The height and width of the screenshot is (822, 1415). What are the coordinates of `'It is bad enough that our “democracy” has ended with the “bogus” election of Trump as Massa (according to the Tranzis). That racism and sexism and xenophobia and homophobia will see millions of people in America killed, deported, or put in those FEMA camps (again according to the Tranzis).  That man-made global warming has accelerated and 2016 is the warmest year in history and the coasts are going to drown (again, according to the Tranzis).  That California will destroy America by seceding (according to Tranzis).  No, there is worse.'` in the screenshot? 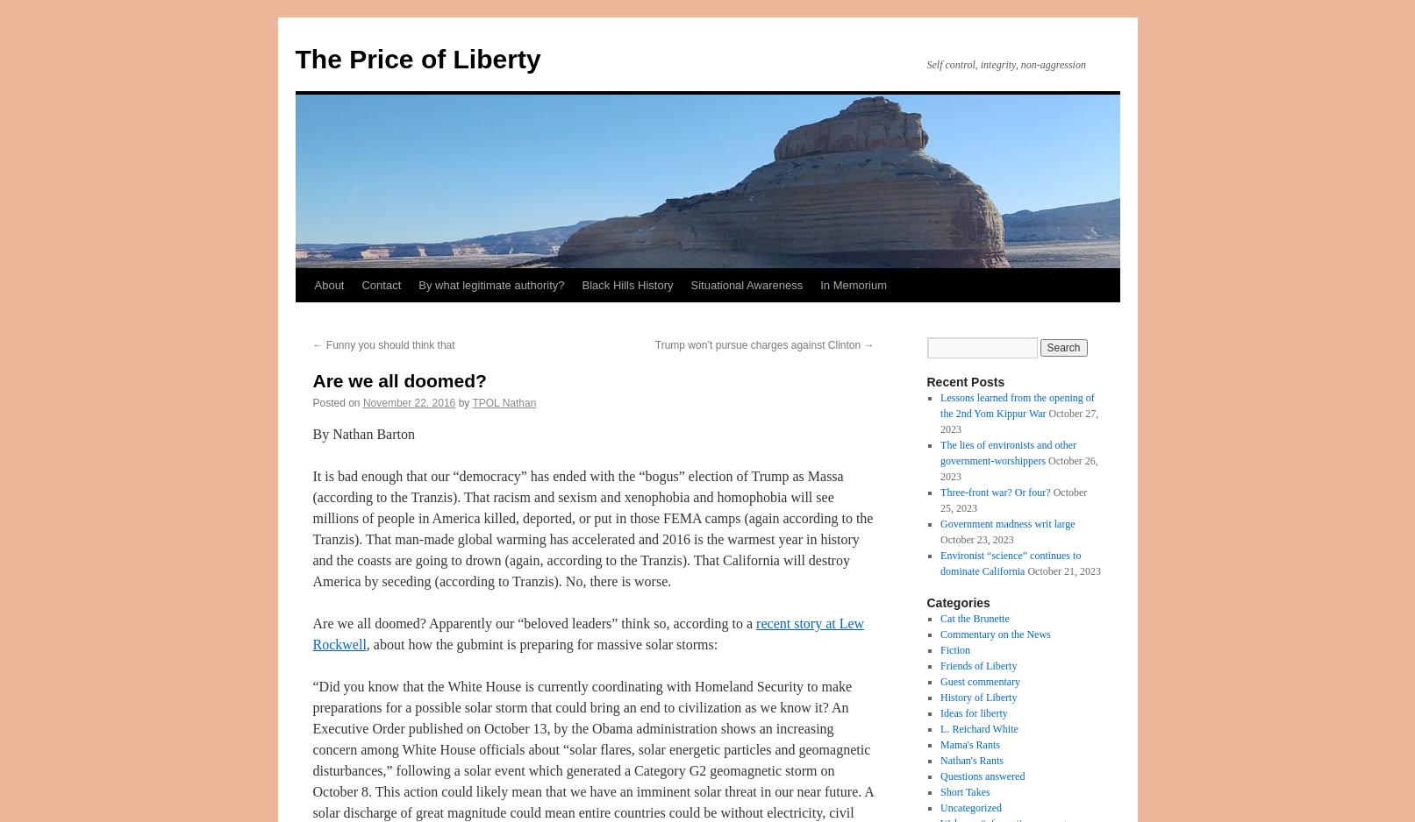 It's located at (591, 528).